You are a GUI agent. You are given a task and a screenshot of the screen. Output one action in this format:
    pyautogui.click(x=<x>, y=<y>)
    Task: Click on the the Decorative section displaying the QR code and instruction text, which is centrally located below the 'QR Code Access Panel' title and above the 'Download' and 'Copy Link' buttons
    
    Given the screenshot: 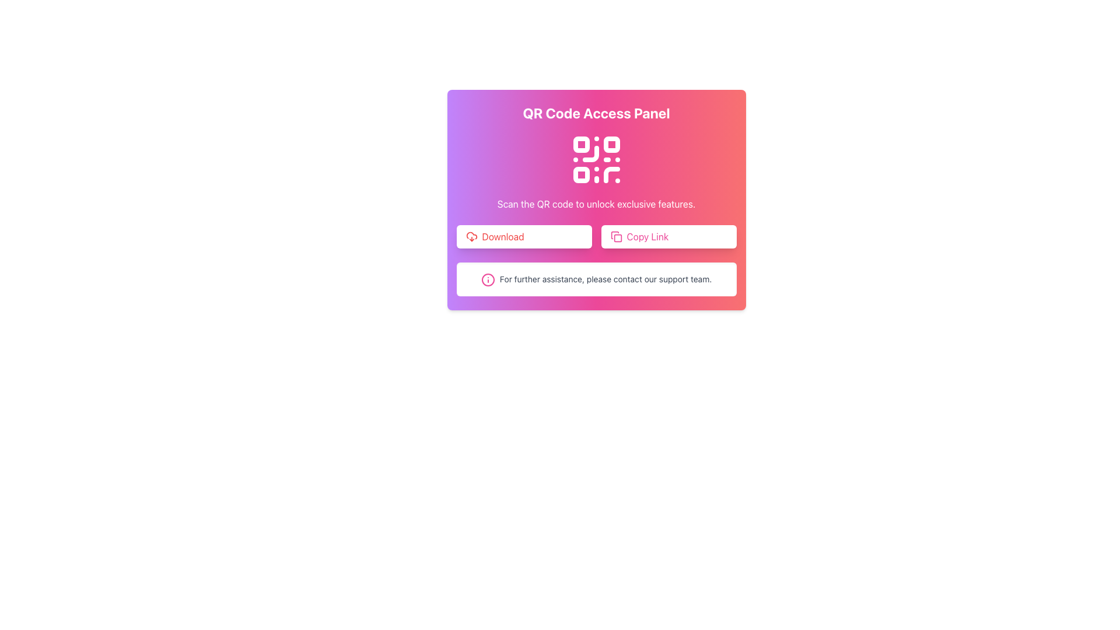 What is the action you would take?
    pyautogui.click(x=596, y=171)
    